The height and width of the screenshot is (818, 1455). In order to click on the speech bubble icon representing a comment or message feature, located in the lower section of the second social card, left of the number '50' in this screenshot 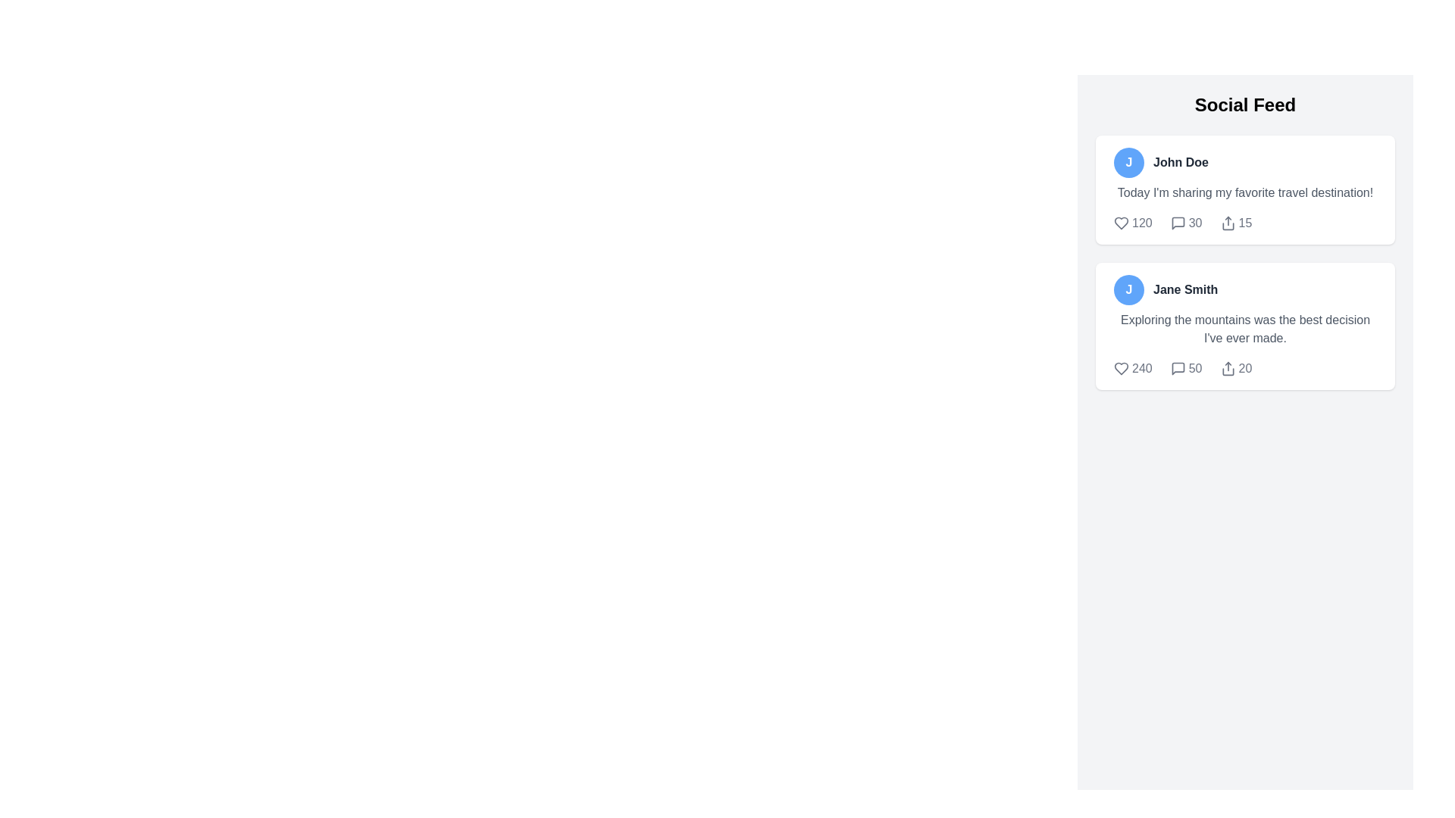, I will do `click(1177, 368)`.